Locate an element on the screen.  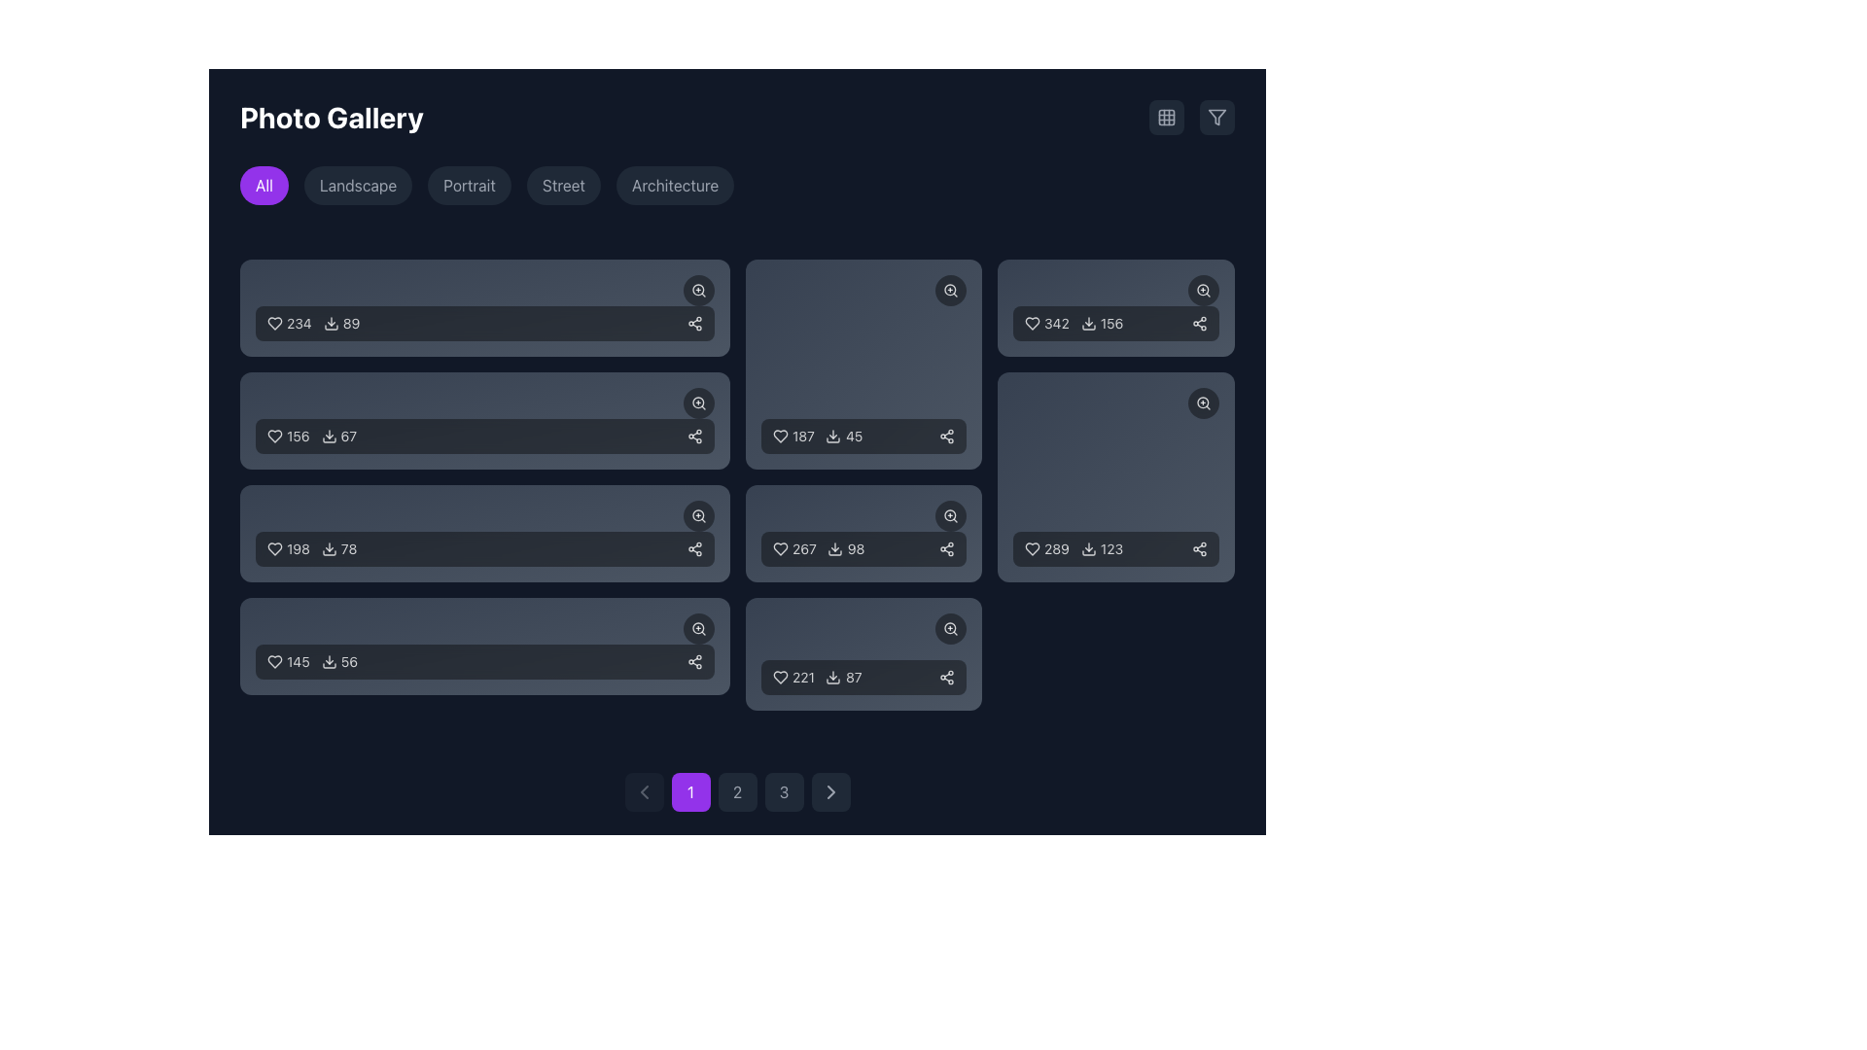
the numeric text label reading '342' that is styled with a smaller font size and located adjacent to a heart-shaped icon on its left, positioned within a card in the right column of a grid layout is located at coordinates (1056, 322).